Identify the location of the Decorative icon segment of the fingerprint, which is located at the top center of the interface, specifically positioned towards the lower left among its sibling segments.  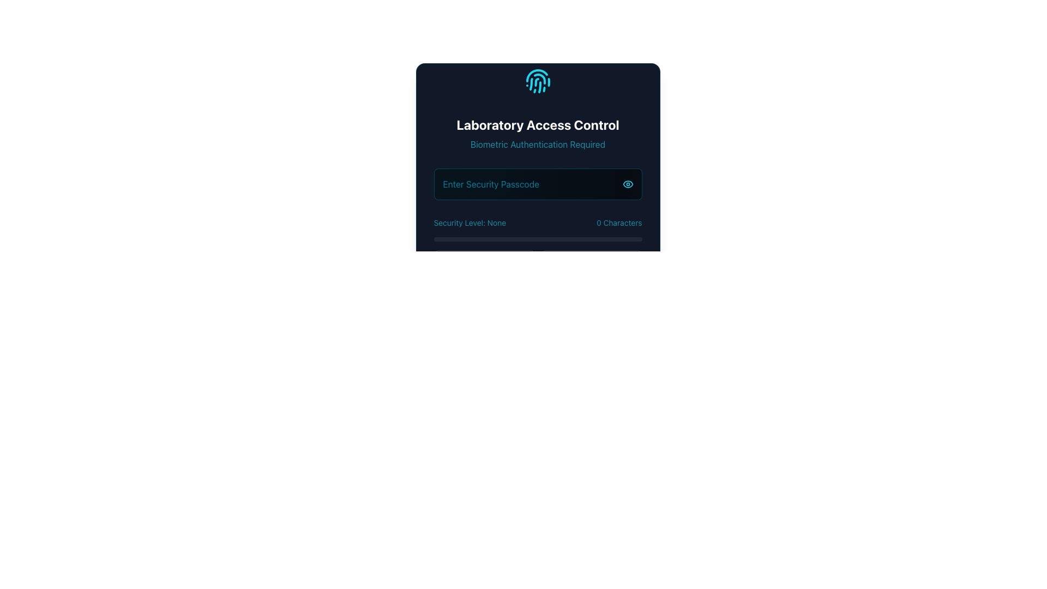
(531, 83).